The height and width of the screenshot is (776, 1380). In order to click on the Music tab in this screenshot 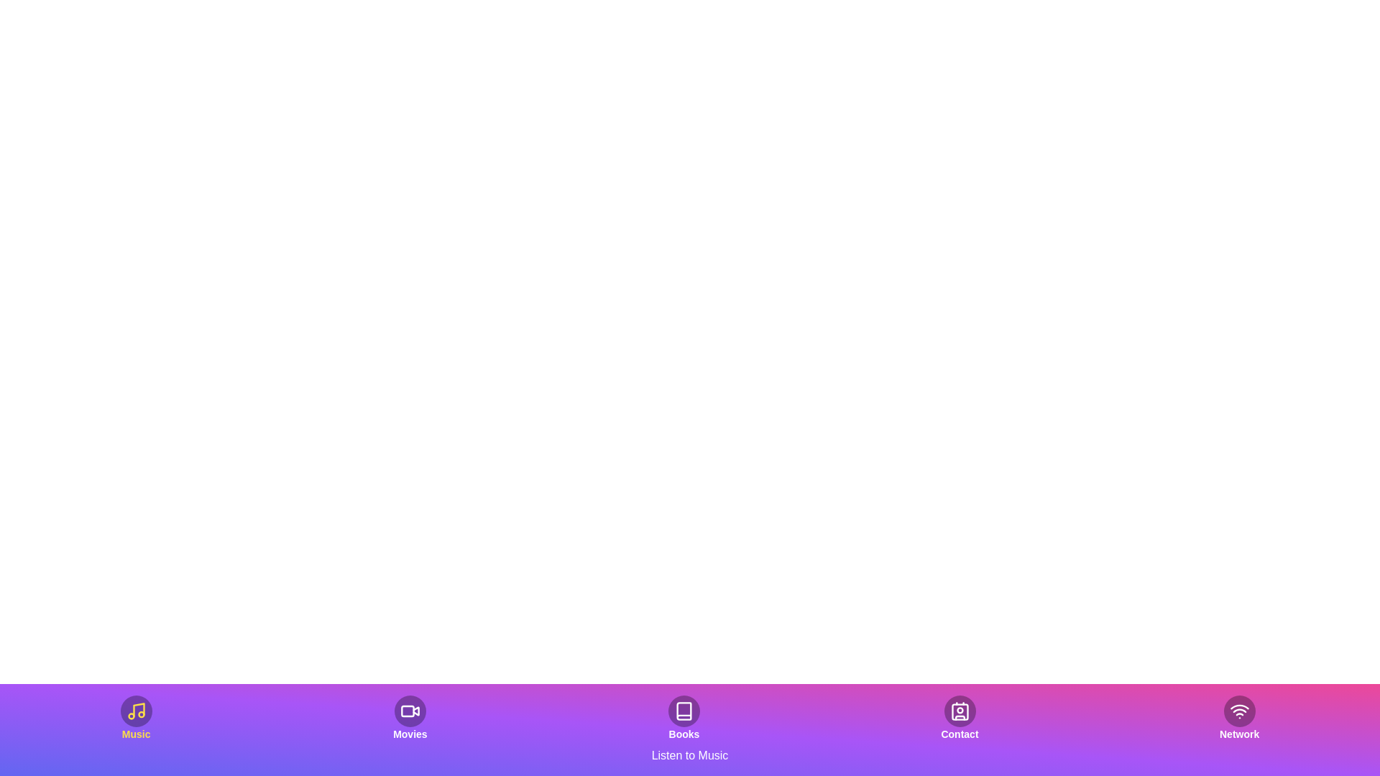, I will do `click(136, 718)`.